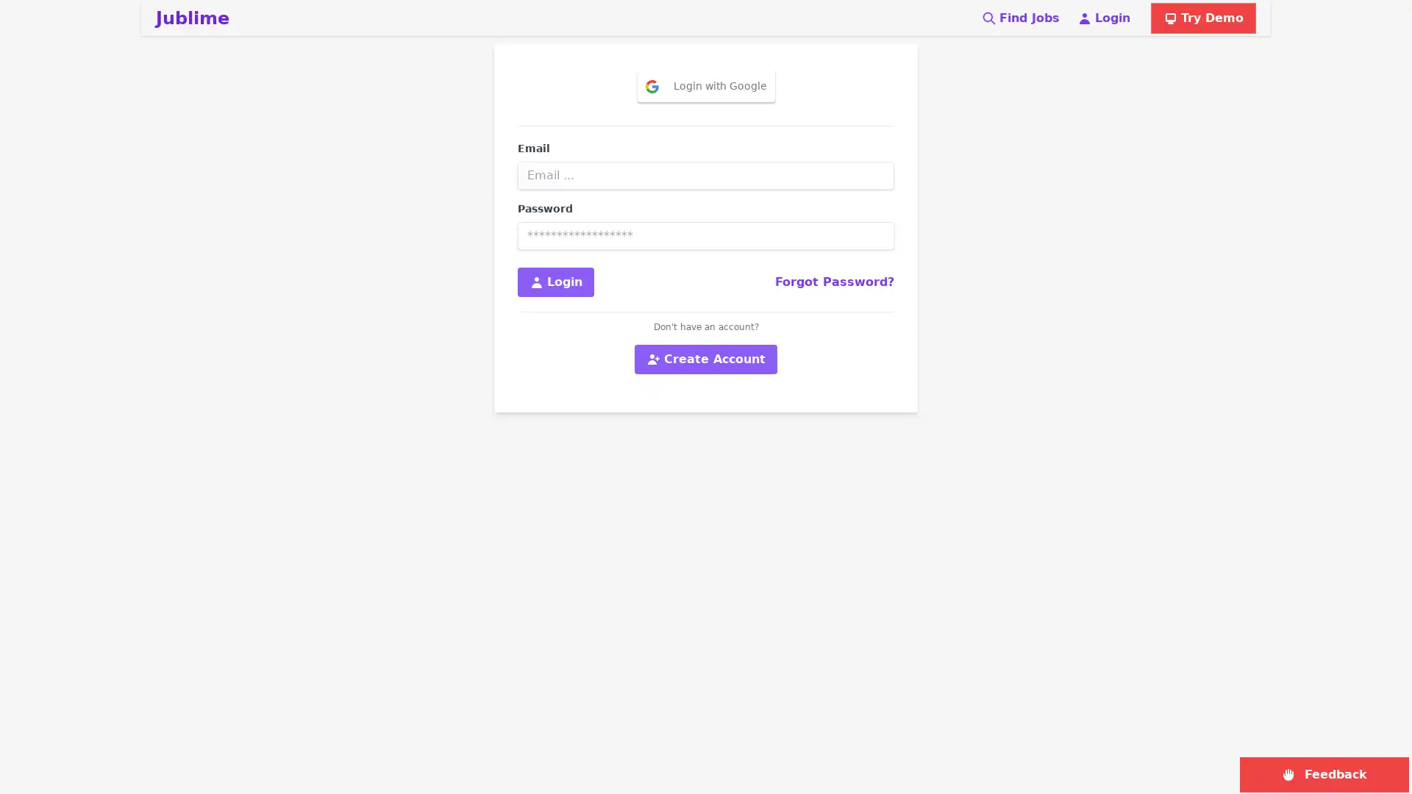 This screenshot has width=1412, height=794. Describe the element at coordinates (706, 360) in the screenshot. I see `Create Account` at that location.